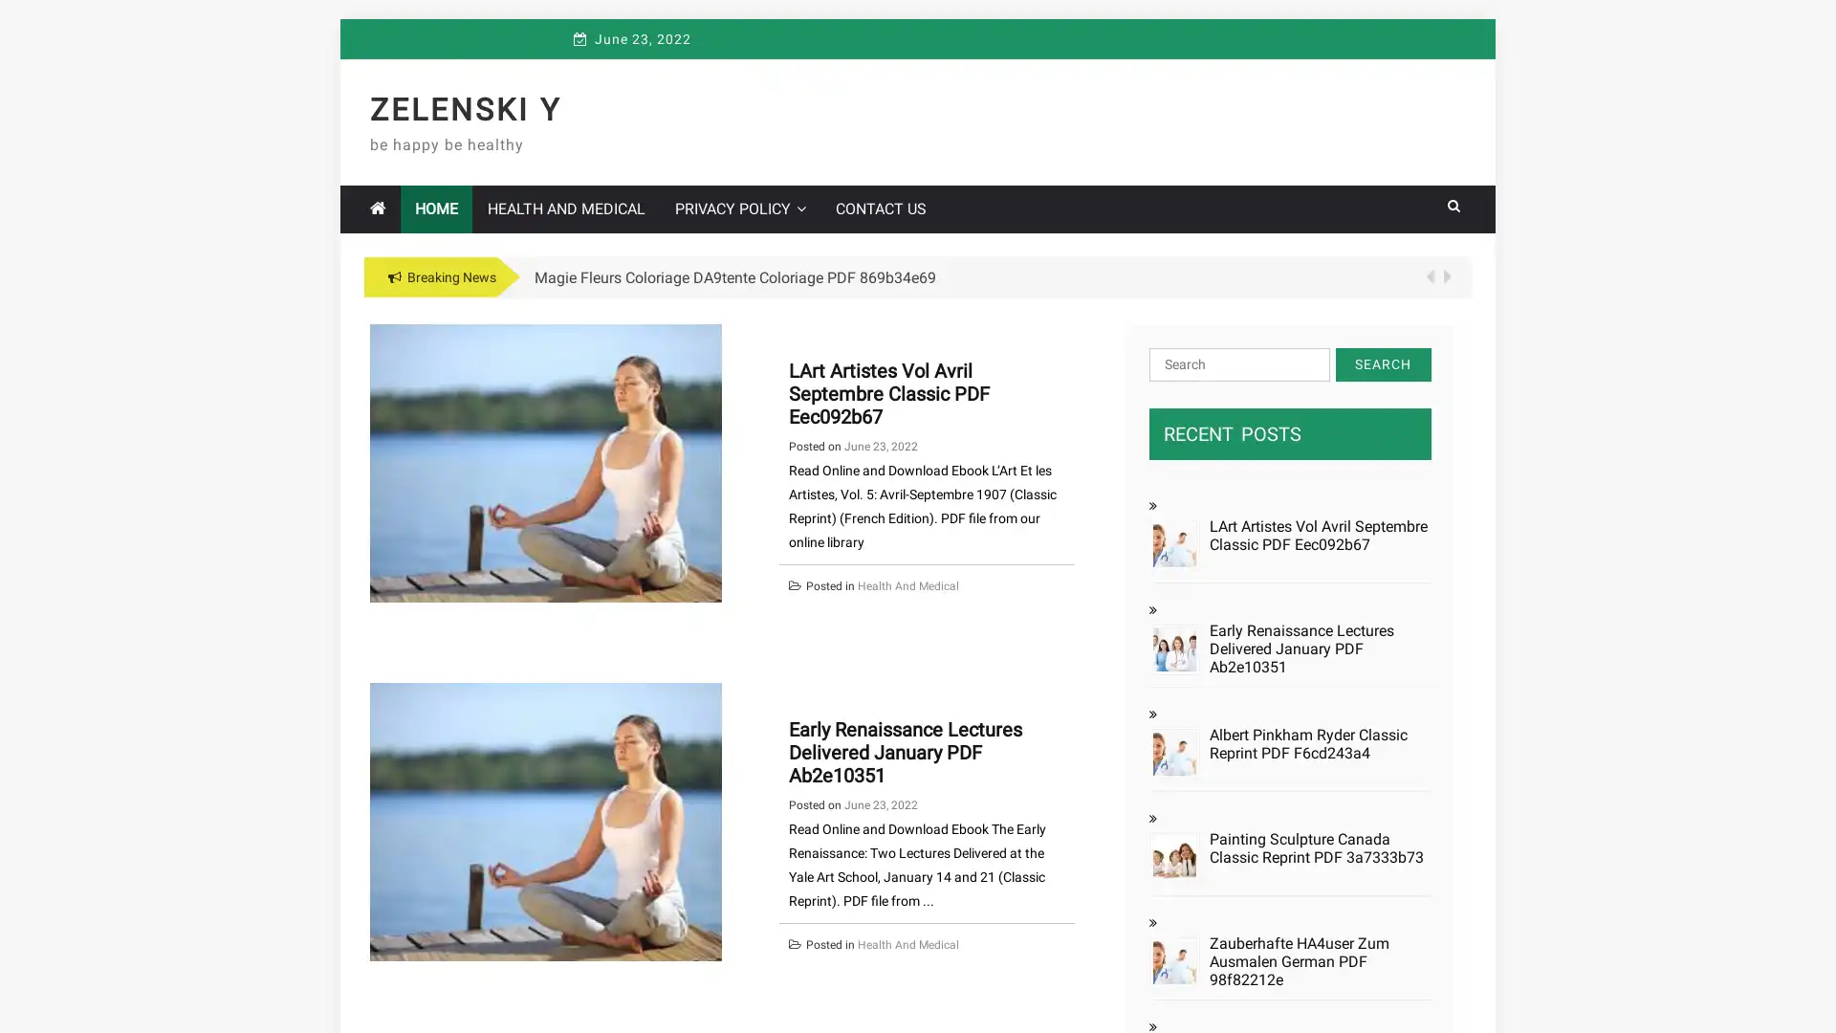 Image resolution: width=1836 pixels, height=1033 pixels. Describe the element at coordinates (1382, 363) in the screenshot. I see `Search` at that location.